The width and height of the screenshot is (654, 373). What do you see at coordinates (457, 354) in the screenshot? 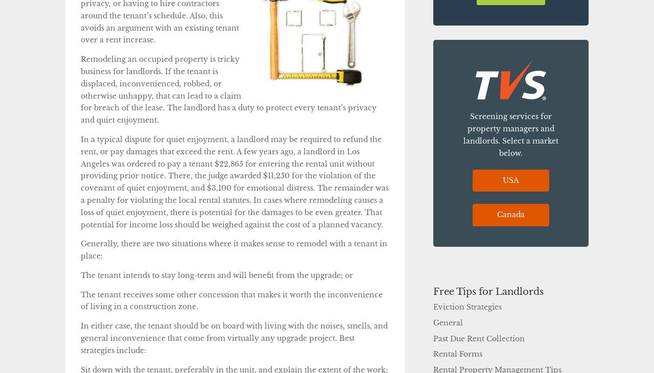
I see `'Rental Forms'` at bounding box center [457, 354].